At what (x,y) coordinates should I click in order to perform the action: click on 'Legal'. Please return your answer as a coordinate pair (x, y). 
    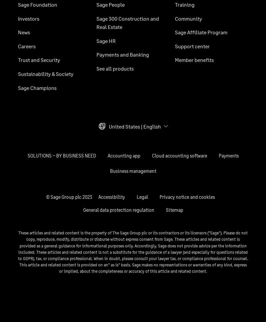
    Looking at the image, I should click on (142, 196).